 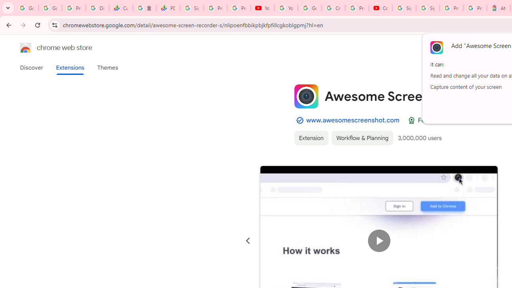 What do you see at coordinates (378, 240) in the screenshot?
I see `'Item media 1 video'` at bounding box center [378, 240].